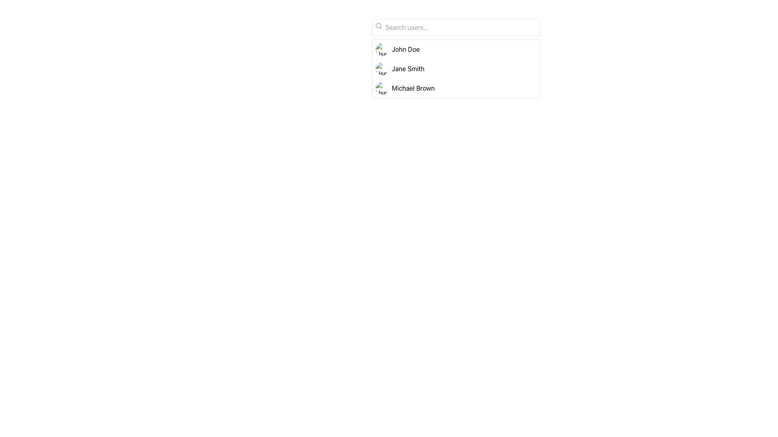 This screenshot has height=437, width=778. I want to click on the List item element displaying the name 'Michael Brown' and its circular profile image, which is the third item in a vertical list, so click(456, 88).